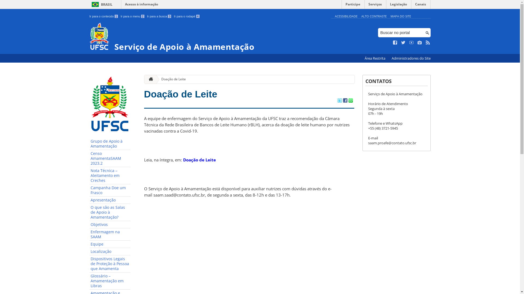  Describe the element at coordinates (110, 158) in the screenshot. I see `'Censo AmamentaSAAM 2023.2'` at that location.